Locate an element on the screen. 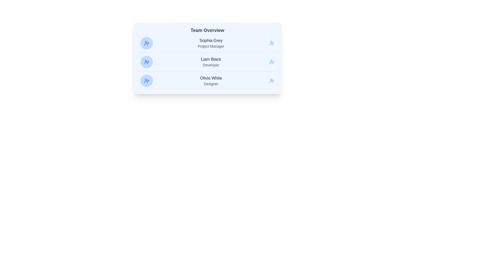 The width and height of the screenshot is (495, 278). the circular icon button with a blue background and a 'user plus' illustration, located in the left section of the panel row labeled 'Liam Black' is located at coordinates (146, 62).